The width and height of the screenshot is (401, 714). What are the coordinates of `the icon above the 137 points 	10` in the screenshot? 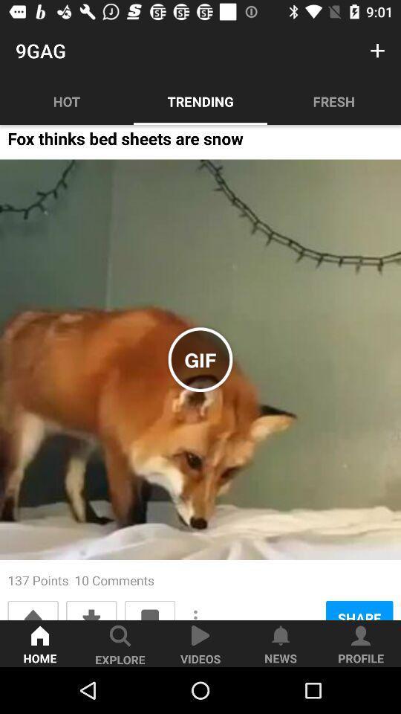 It's located at (200, 358).